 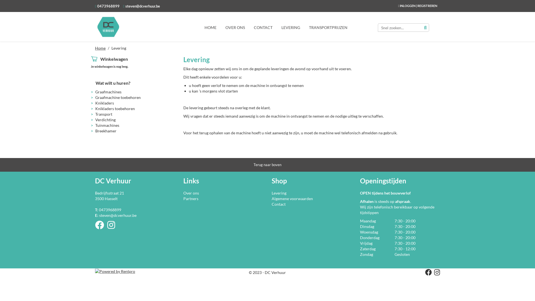 What do you see at coordinates (290, 27) in the screenshot?
I see `'LEVERING'` at bounding box center [290, 27].